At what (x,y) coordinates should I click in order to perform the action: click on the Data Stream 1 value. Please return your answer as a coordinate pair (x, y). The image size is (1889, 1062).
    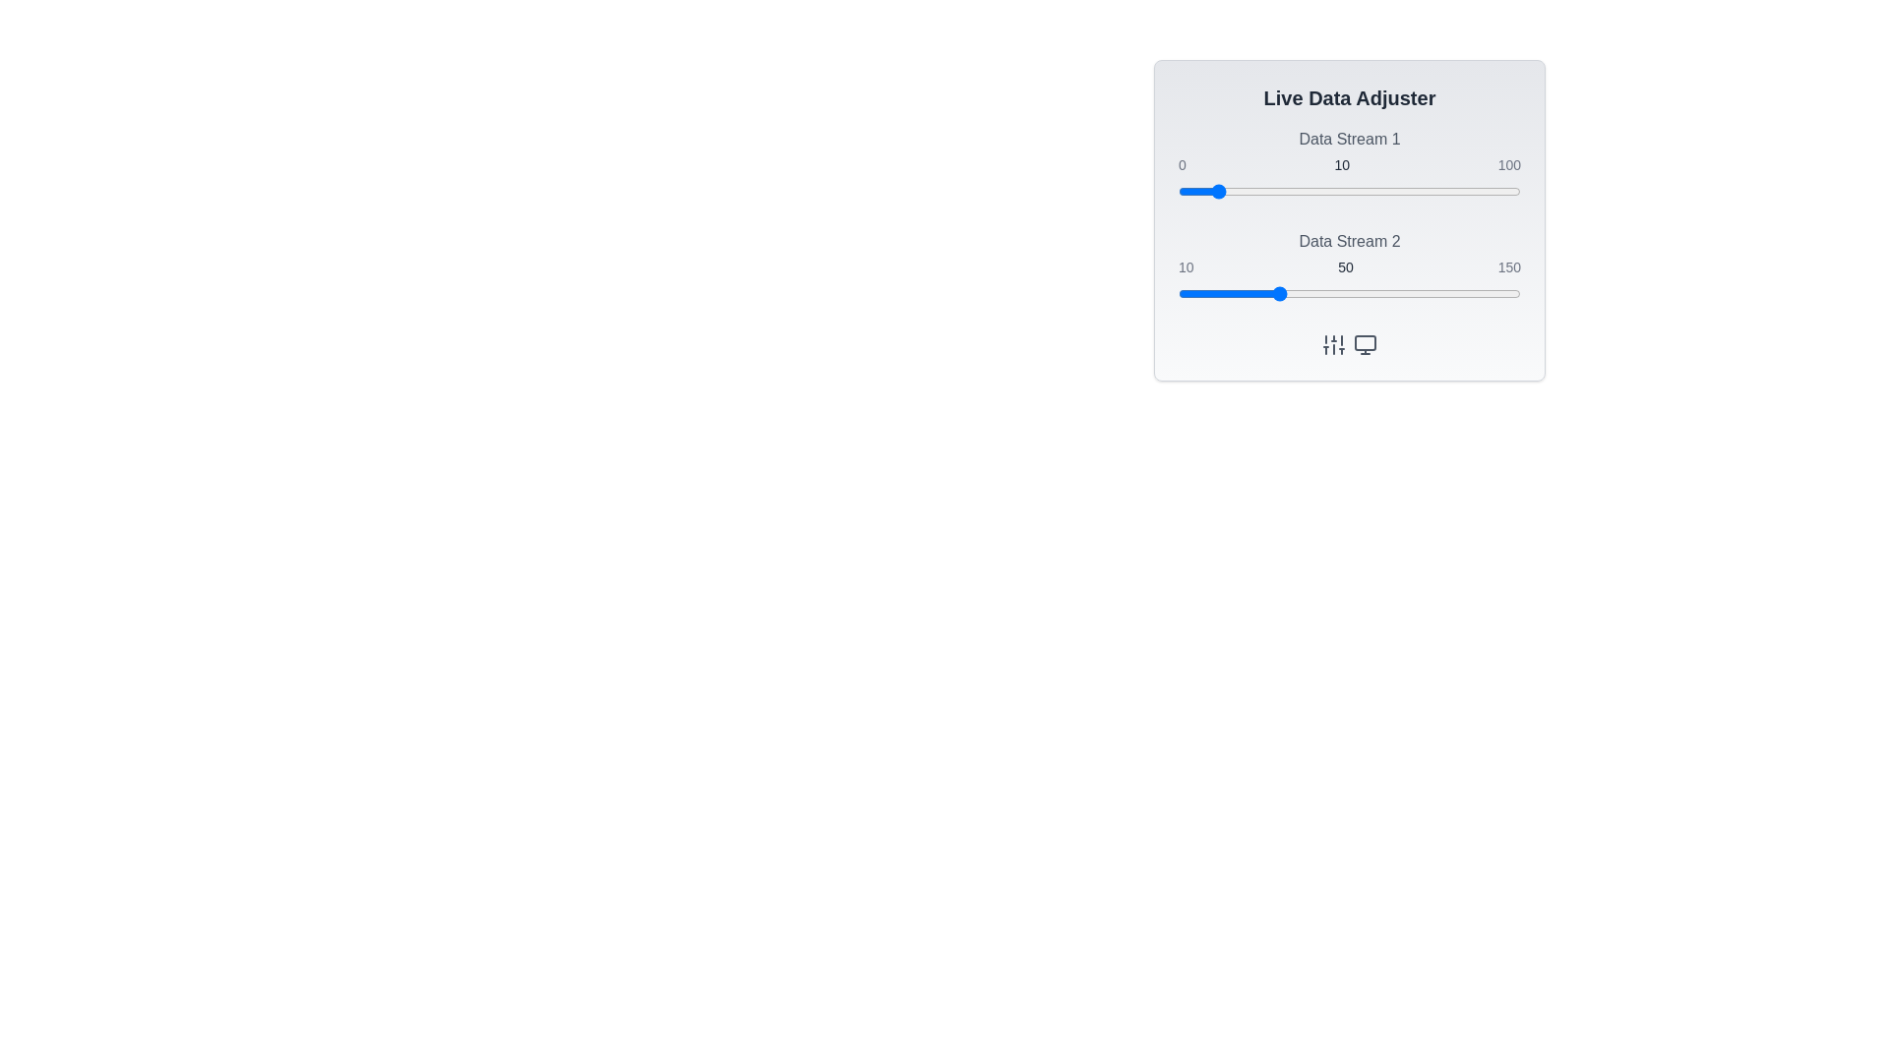
    Looking at the image, I should click on (1379, 192).